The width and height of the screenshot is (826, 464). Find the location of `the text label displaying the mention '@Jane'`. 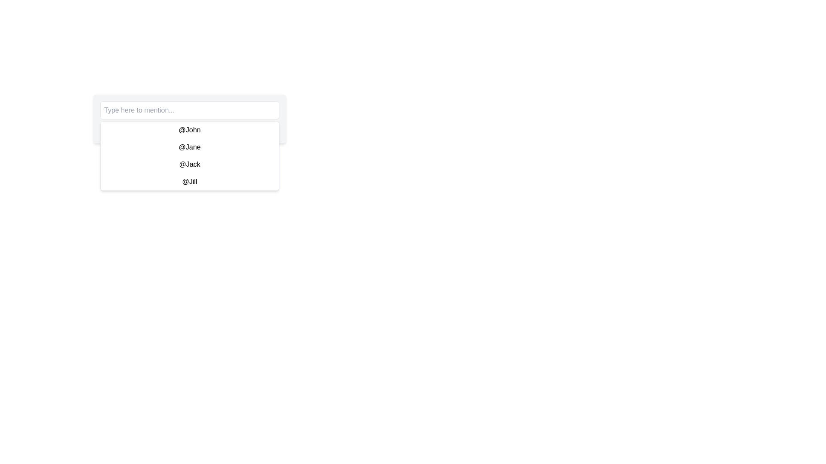

the text label displaying the mention '@Jane' is located at coordinates (189, 147).